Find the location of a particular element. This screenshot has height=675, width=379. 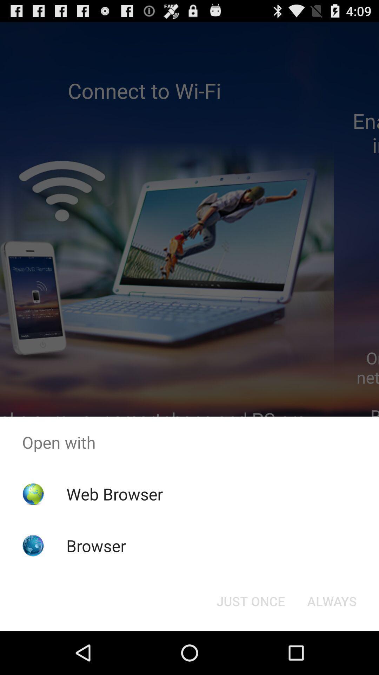

always icon is located at coordinates (332, 600).